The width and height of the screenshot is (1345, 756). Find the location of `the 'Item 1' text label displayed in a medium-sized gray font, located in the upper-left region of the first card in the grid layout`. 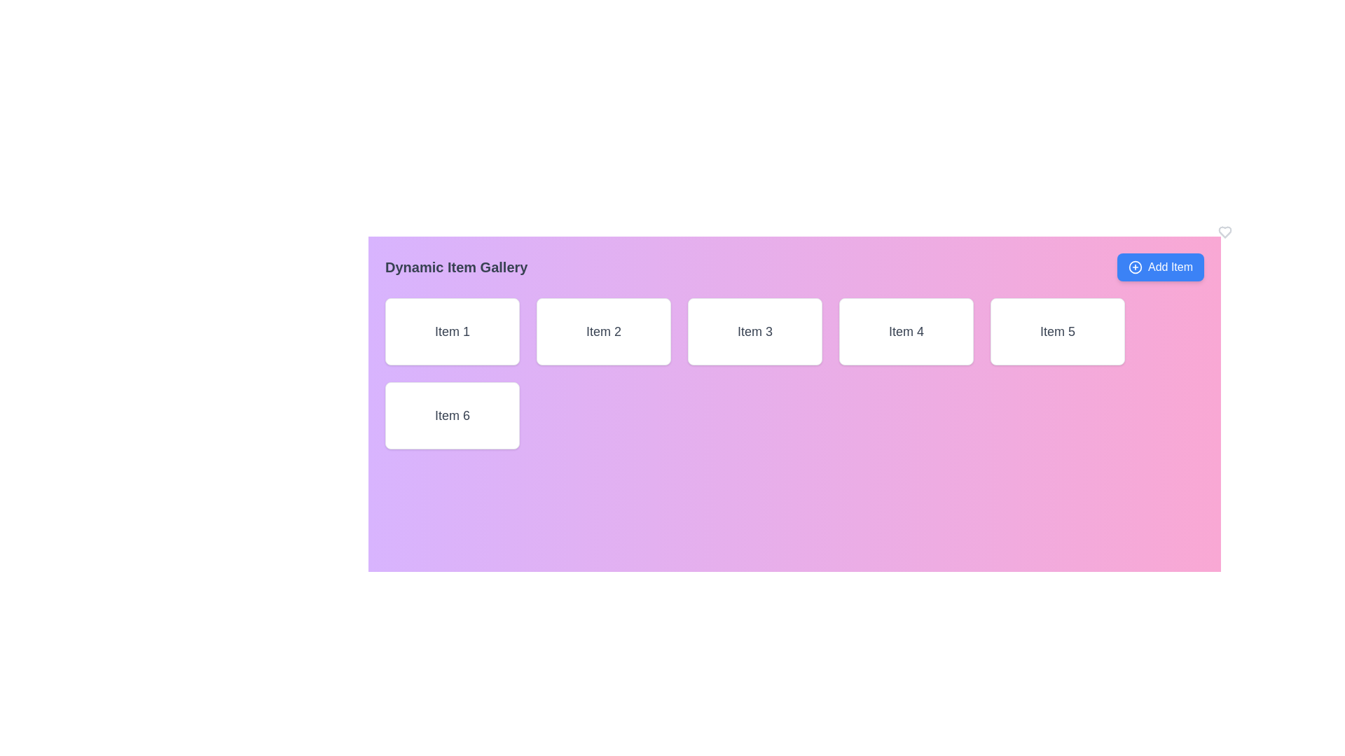

the 'Item 1' text label displayed in a medium-sized gray font, located in the upper-left region of the first card in the grid layout is located at coordinates (453, 332).